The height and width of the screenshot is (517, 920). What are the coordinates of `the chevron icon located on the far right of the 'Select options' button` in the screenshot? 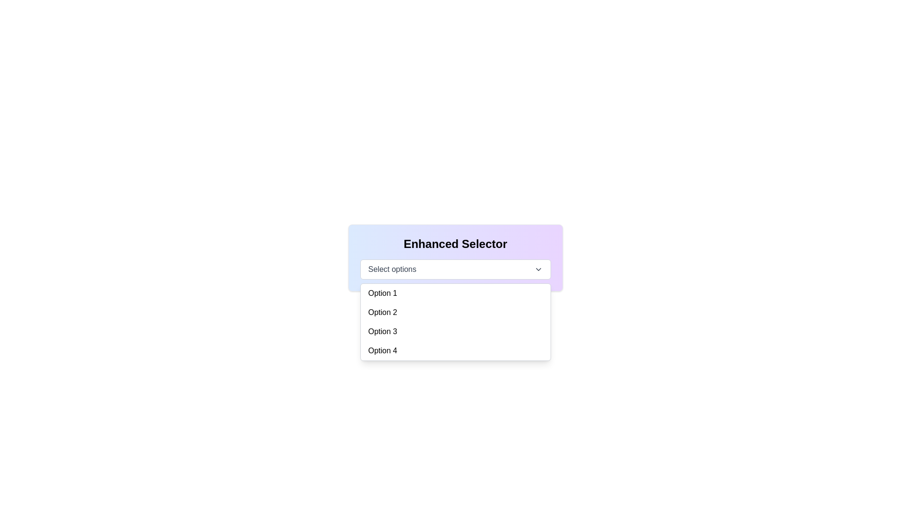 It's located at (538, 270).